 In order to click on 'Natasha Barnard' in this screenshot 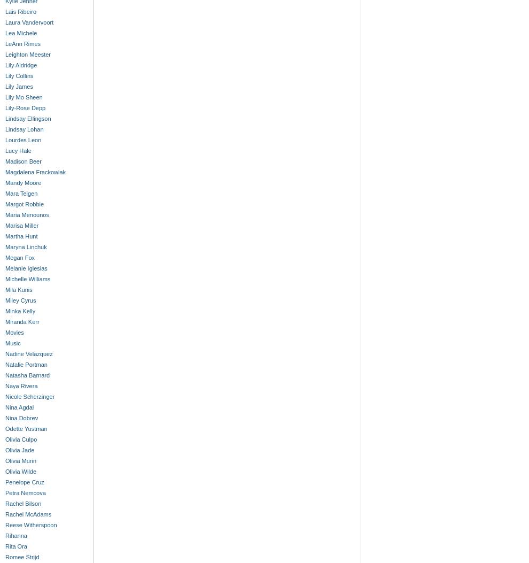, I will do `click(27, 375)`.